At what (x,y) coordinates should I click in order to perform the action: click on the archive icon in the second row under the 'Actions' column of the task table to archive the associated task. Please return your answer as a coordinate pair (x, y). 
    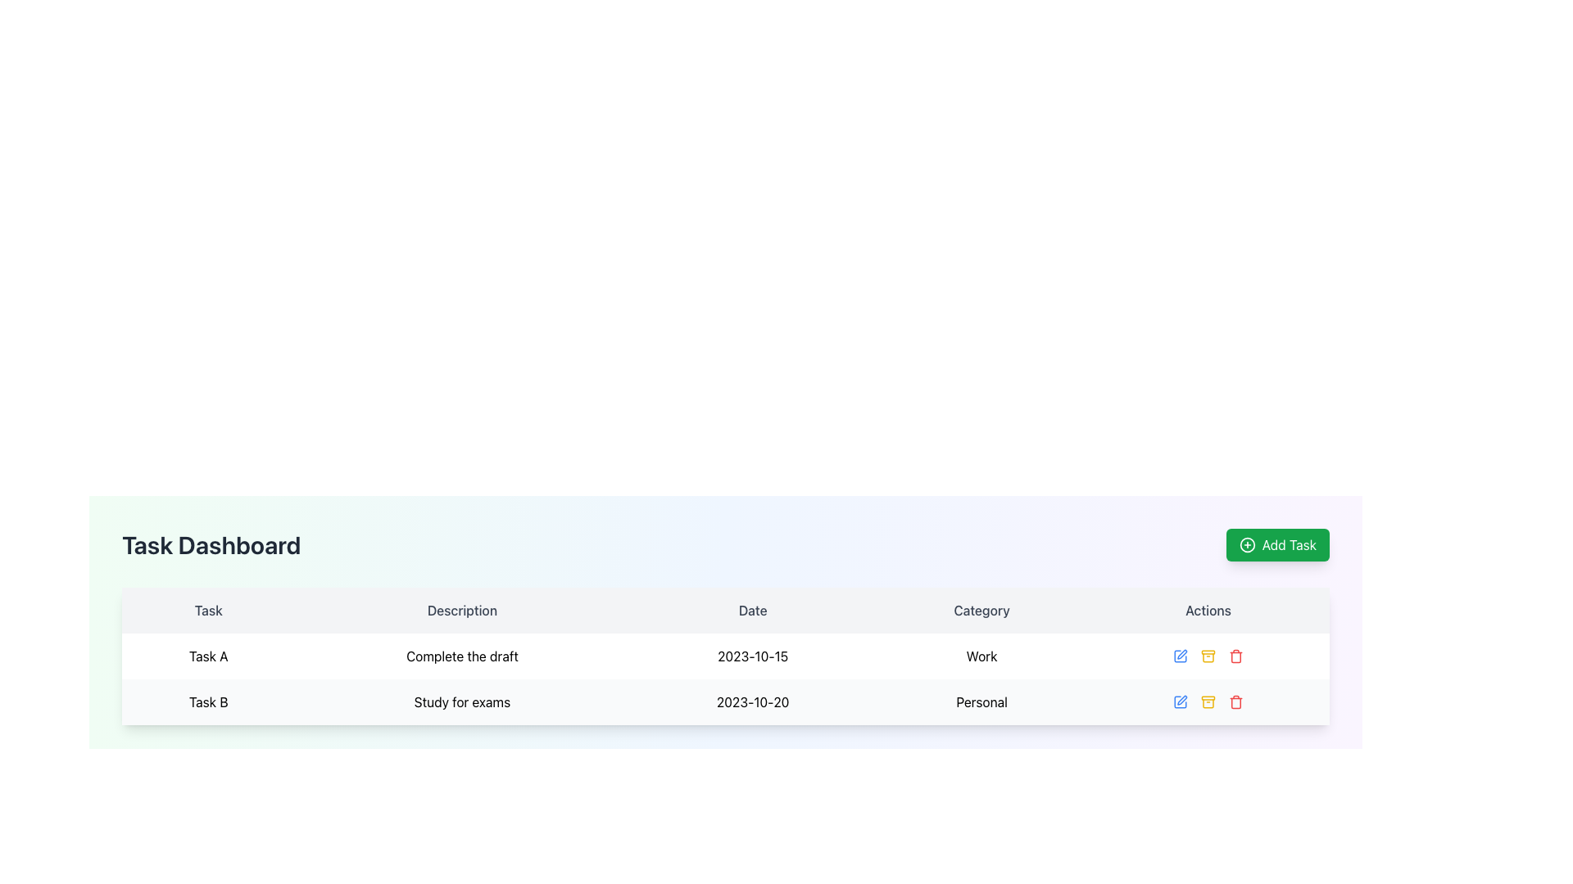
    Looking at the image, I should click on (1208, 701).